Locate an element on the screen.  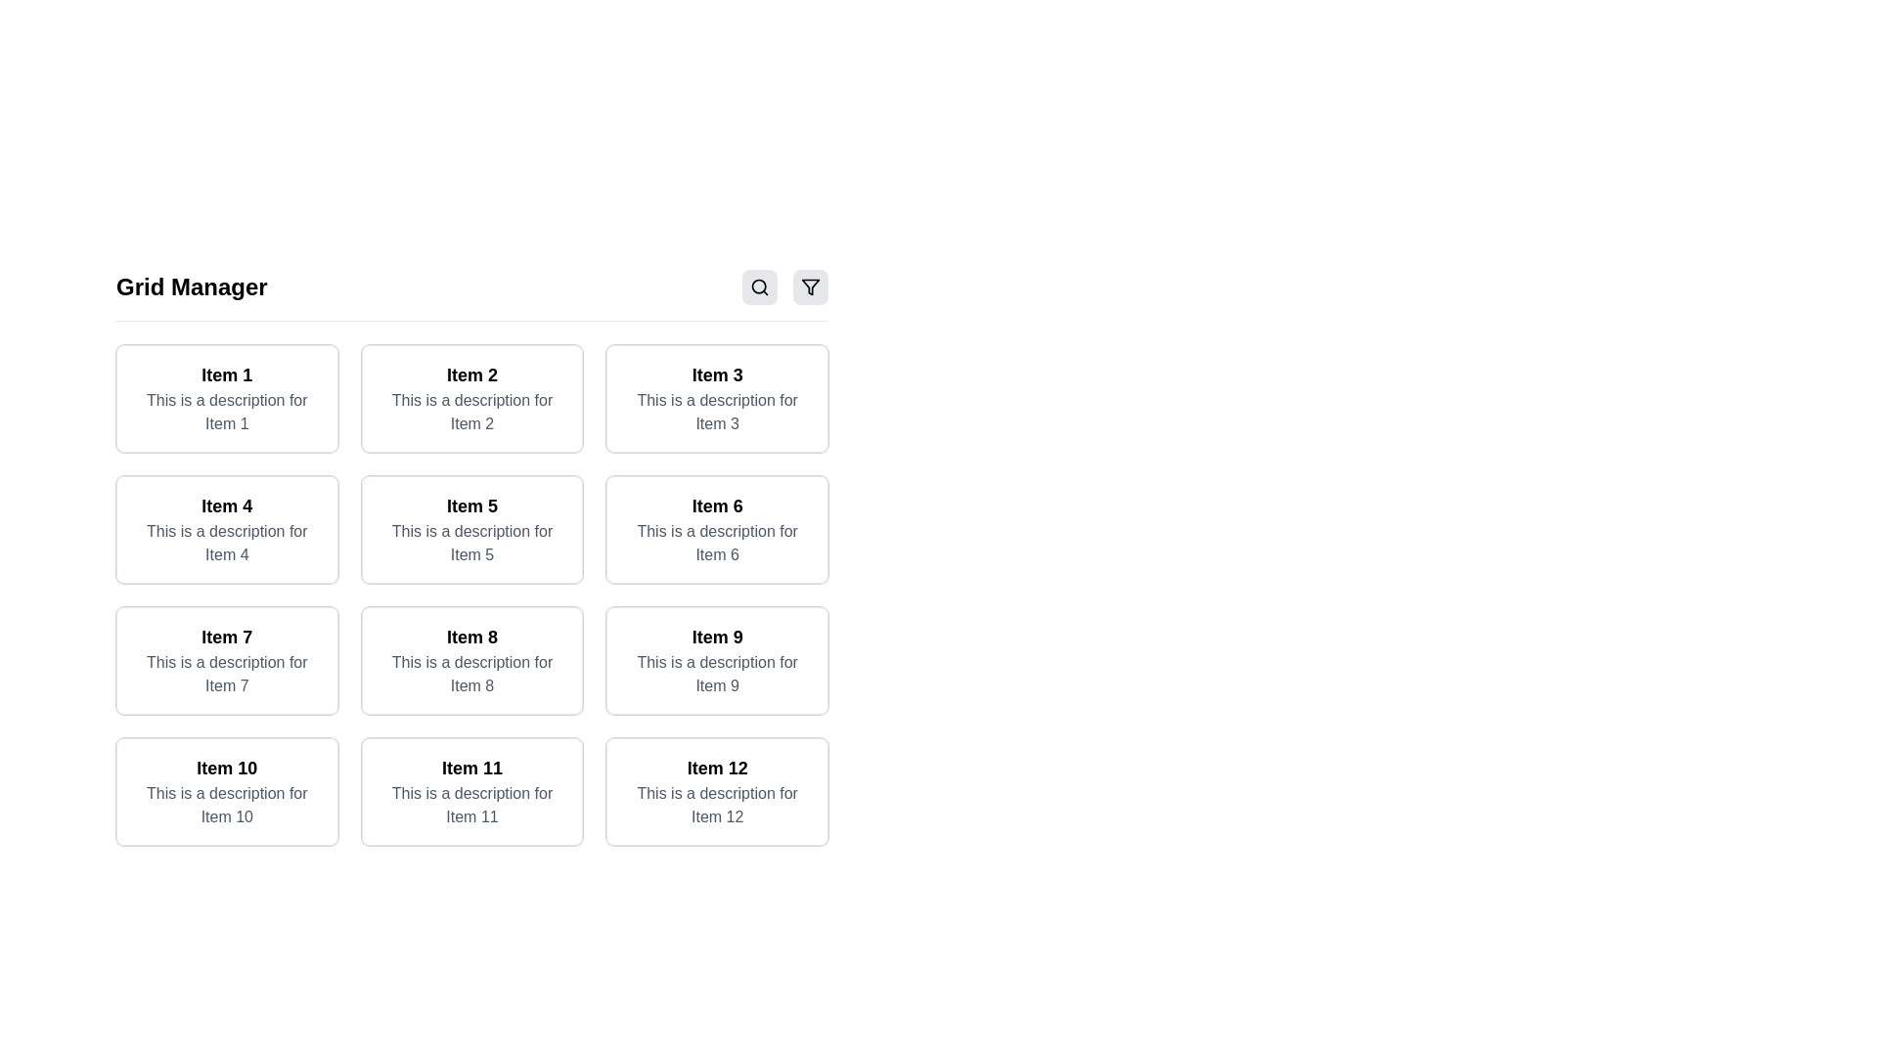
the descriptive text displaying 'This is a description for Item 12', located in the last card of a 4x3 grid layout, specifically the second line in the card labeled 'Item 12' is located at coordinates (716, 806).